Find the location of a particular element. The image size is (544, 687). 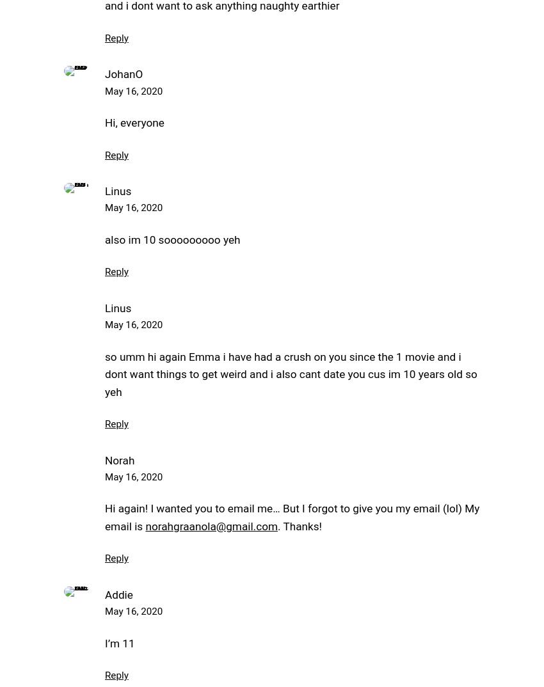

'JohanO' is located at coordinates (123, 73).